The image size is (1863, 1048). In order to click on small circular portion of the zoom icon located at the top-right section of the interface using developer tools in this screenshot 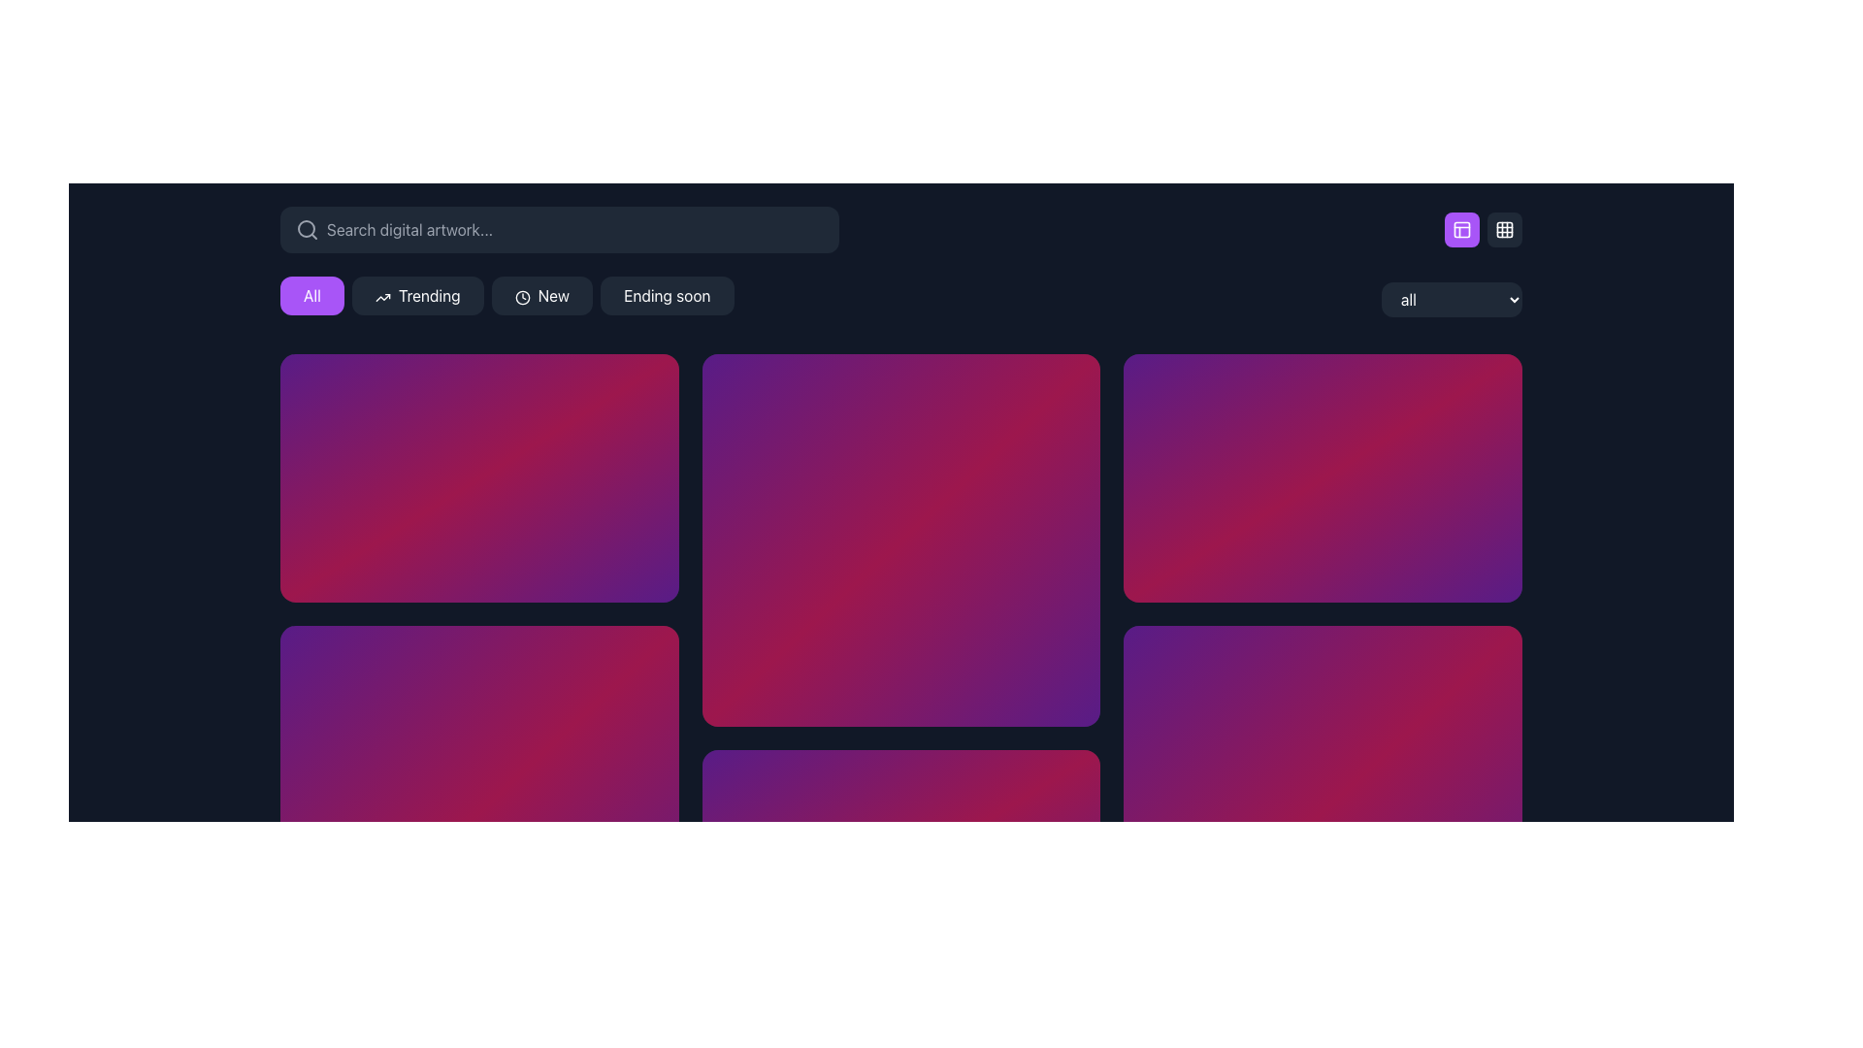, I will do `click(1487, 385)`.